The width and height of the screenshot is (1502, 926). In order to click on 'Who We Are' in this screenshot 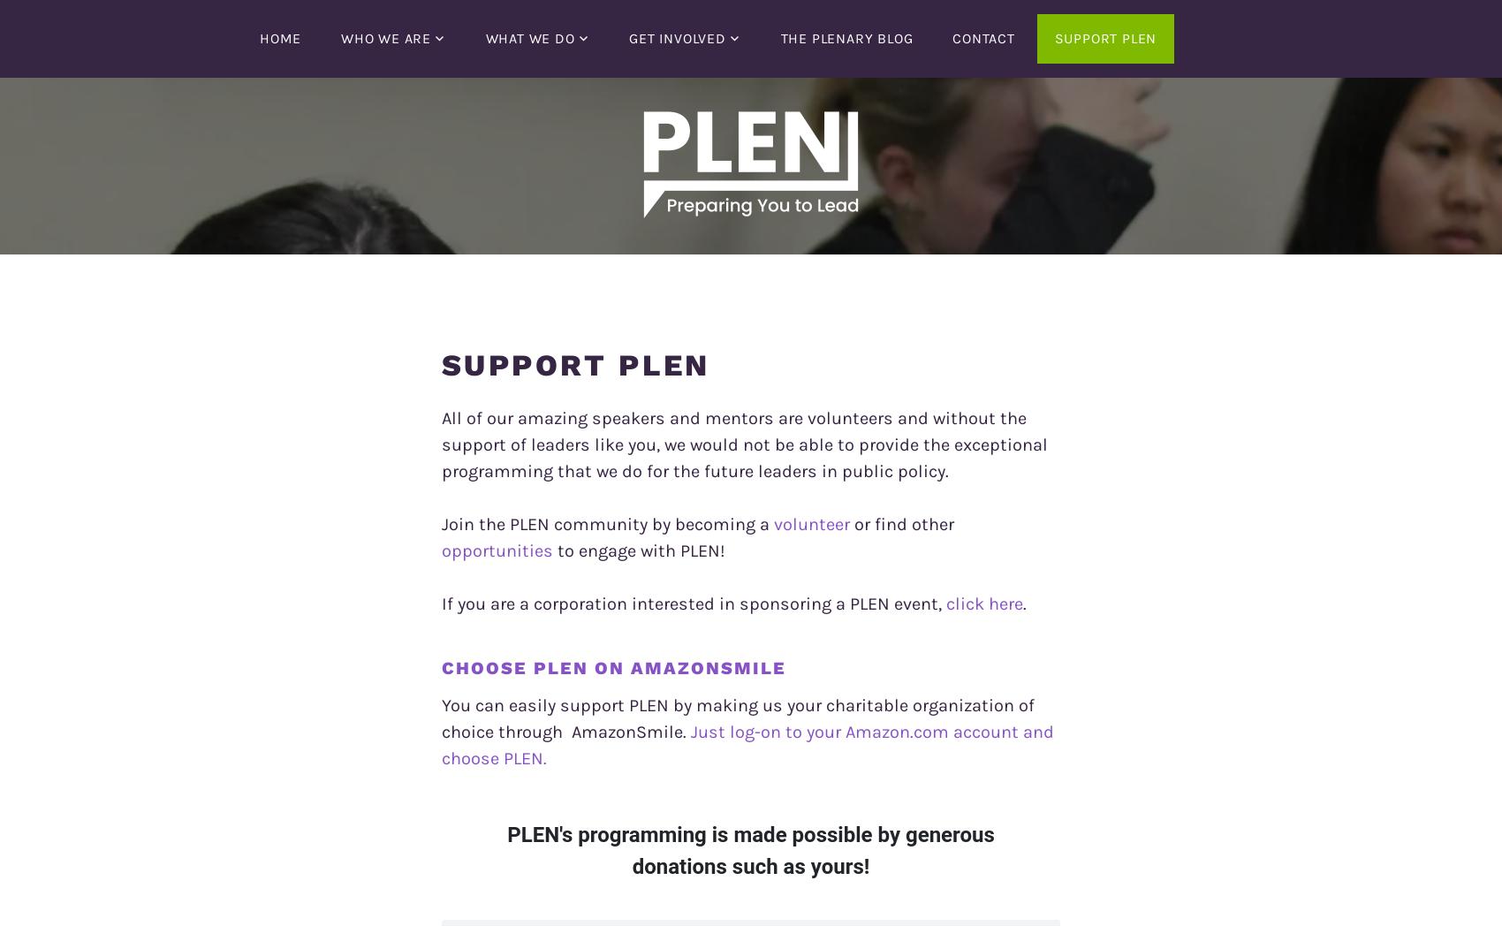, I will do `click(386, 37)`.